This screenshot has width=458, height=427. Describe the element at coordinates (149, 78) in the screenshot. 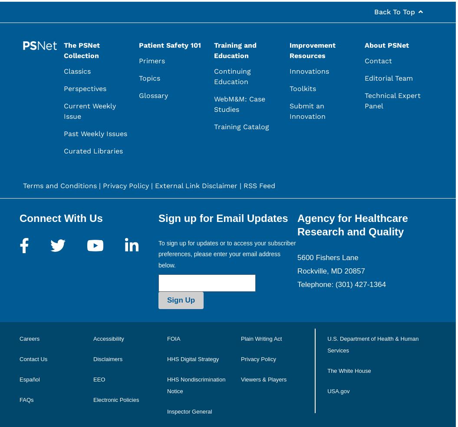

I see `'Topics'` at that location.